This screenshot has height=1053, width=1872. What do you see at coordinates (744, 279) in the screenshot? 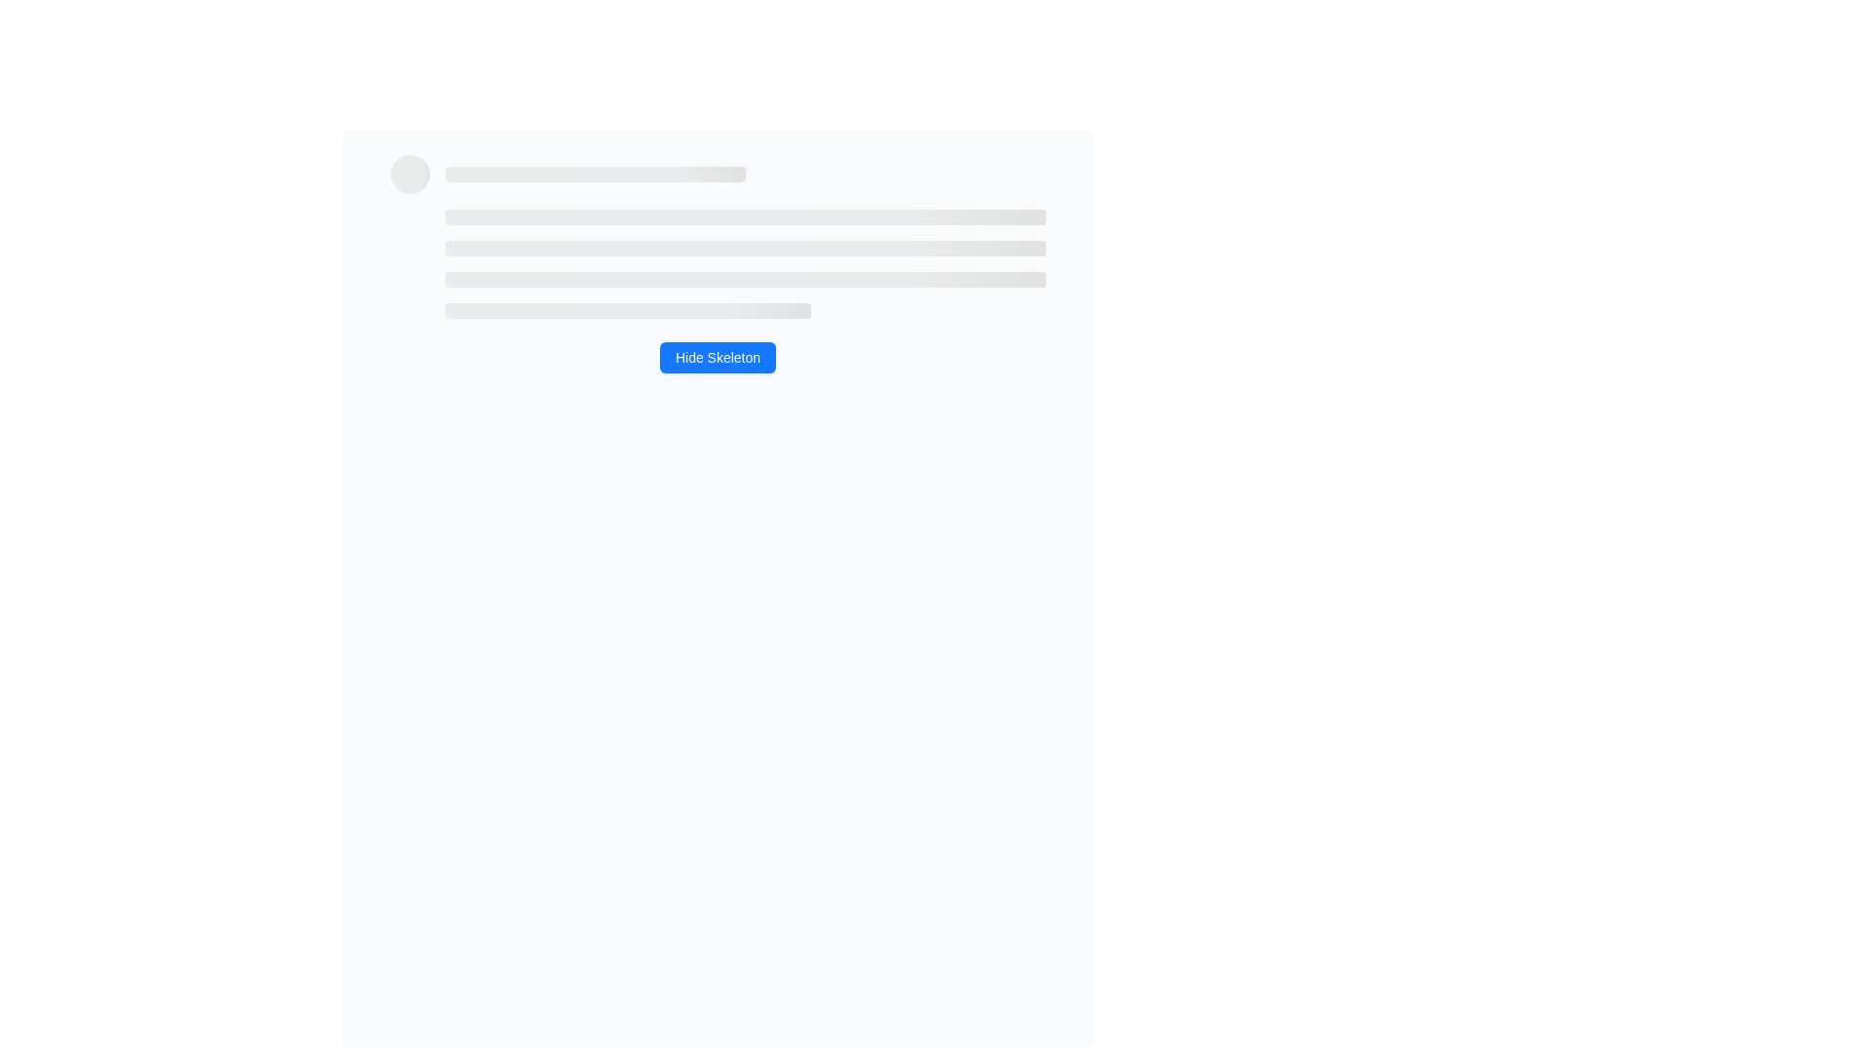
I see `the third Skeleton loading placeholder, which is a long rectangular bar in a vertical list, positioned centrally below the second bar and above the fourth bar` at bounding box center [744, 279].